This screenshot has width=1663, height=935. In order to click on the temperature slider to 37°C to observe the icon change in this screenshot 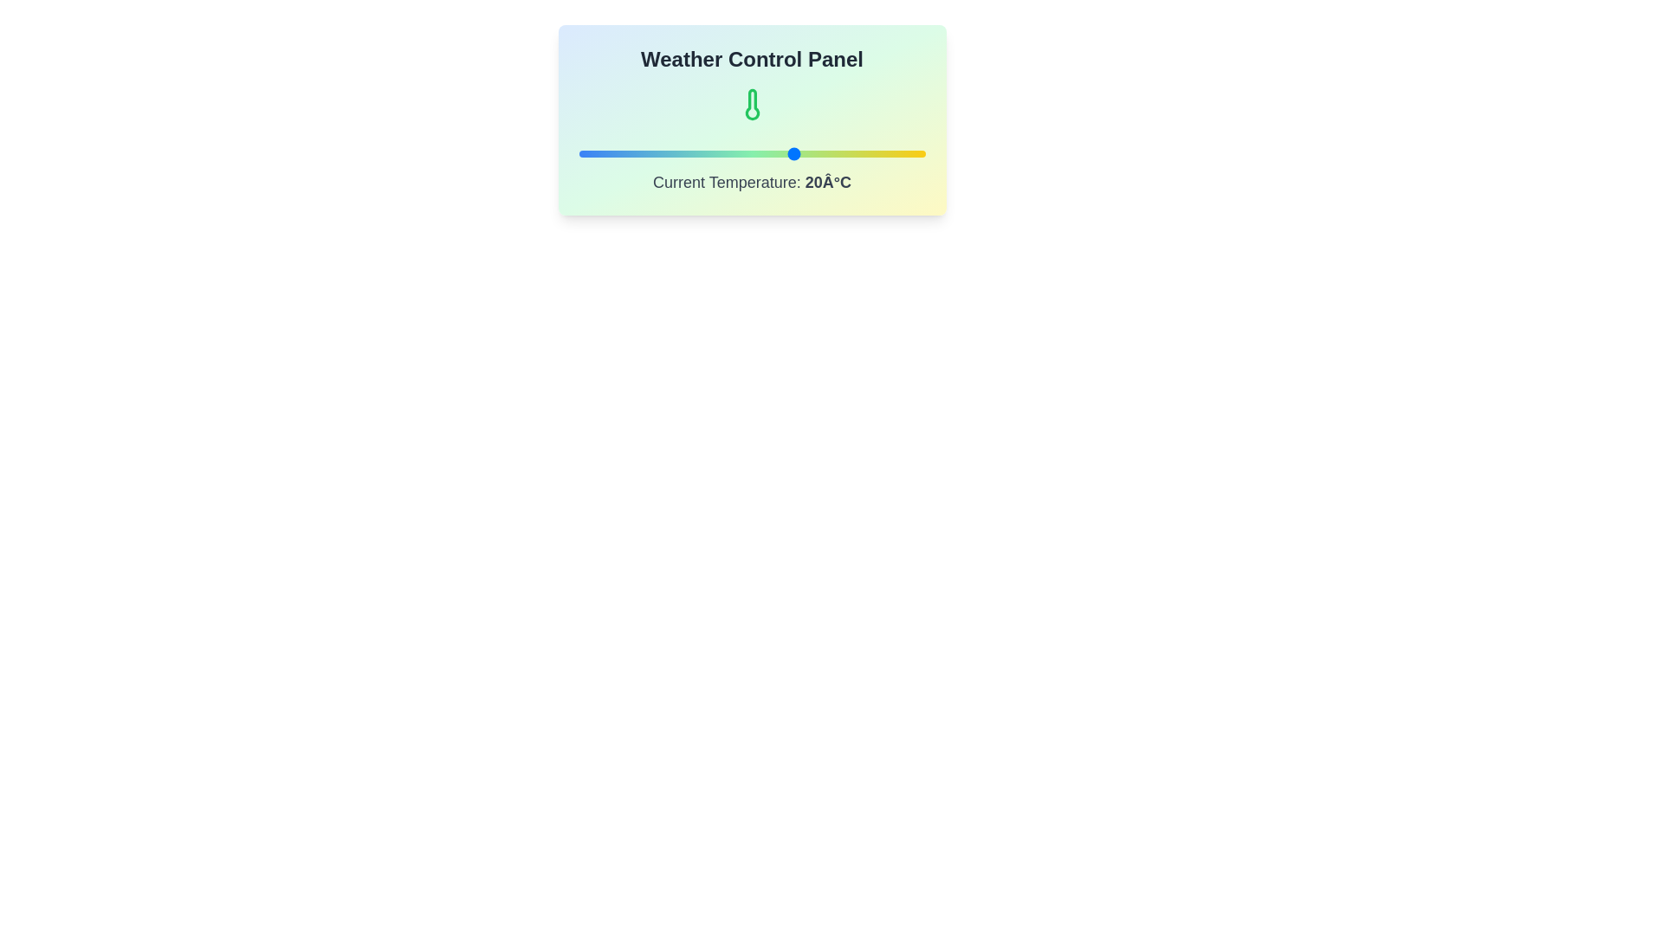, I will do `click(869, 152)`.